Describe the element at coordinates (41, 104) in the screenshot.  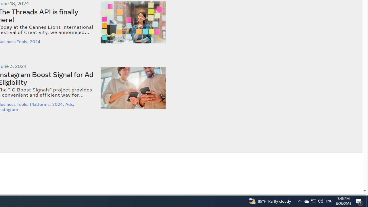
I see `'Platforms,'` at that location.